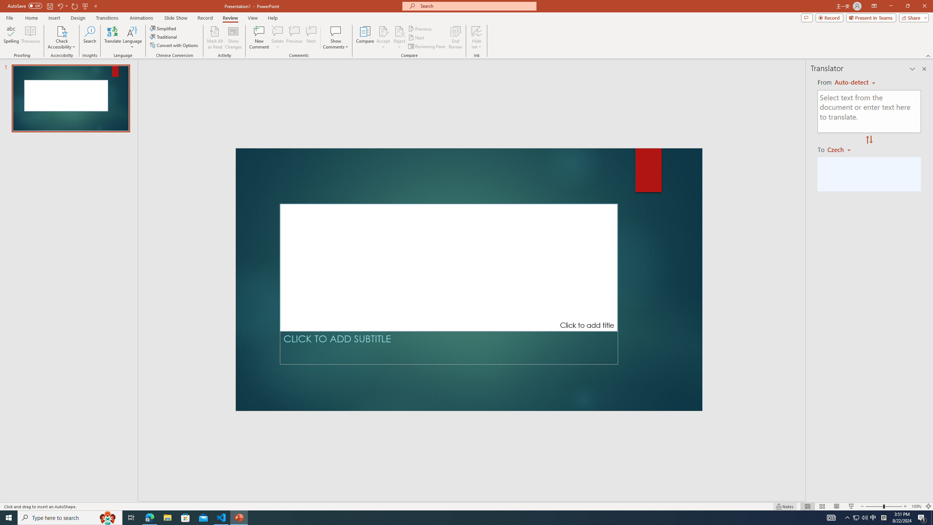  What do you see at coordinates (163, 36) in the screenshot?
I see `'Traditional'` at bounding box center [163, 36].